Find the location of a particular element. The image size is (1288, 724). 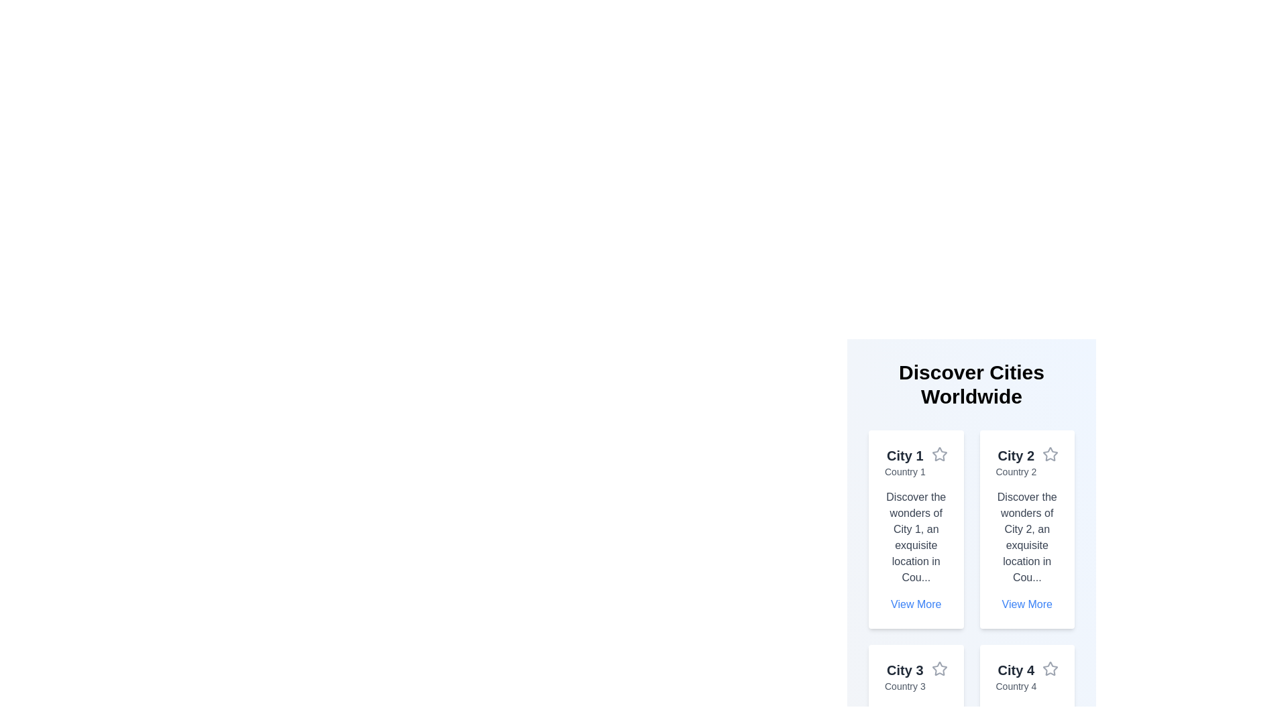

the text label representing a specific city and its country, located in the leftmost cell of the second row in a grid layout, directly below 'City 1' and 'City 2' is located at coordinates (905, 677).